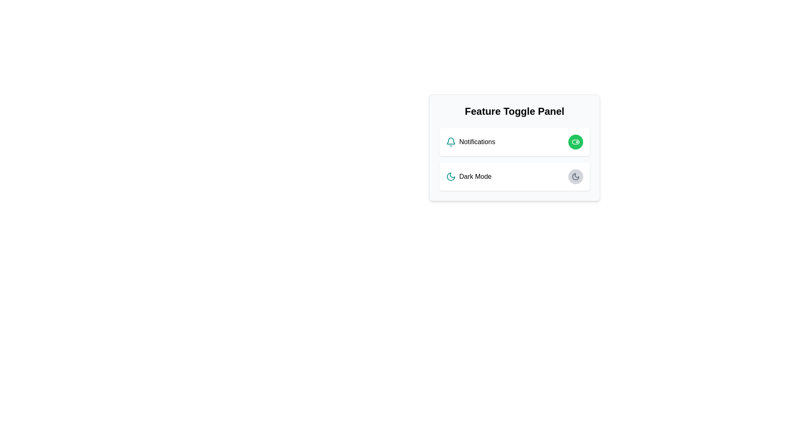 The width and height of the screenshot is (793, 446). Describe the element at coordinates (450, 176) in the screenshot. I see `the 'Dark Mode' icon, which symbolizes the toggle for dark themes, located in the second row of the 'Feature Toggle Panel' on the right side of the toggle option` at that location.